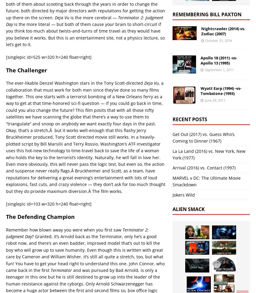  I want to click on 'Comedy', so click(55, 103).